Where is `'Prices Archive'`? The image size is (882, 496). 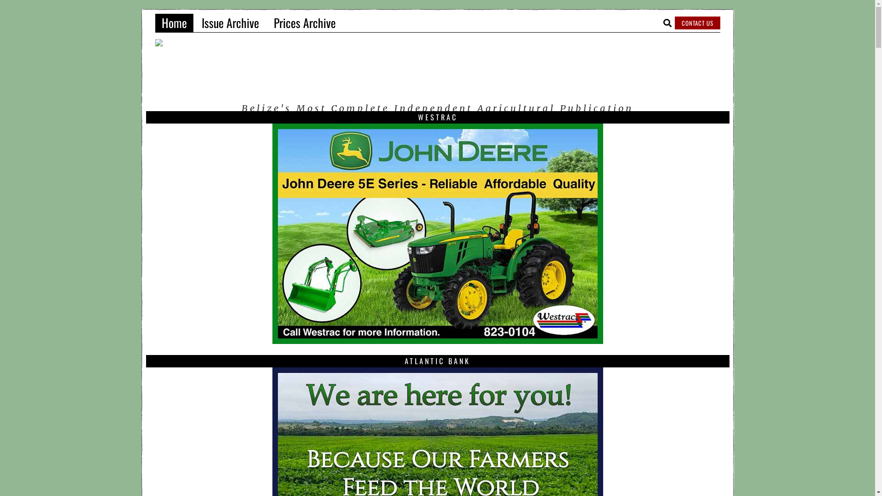 'Prices Archive' is located at coordinates (305, 23).